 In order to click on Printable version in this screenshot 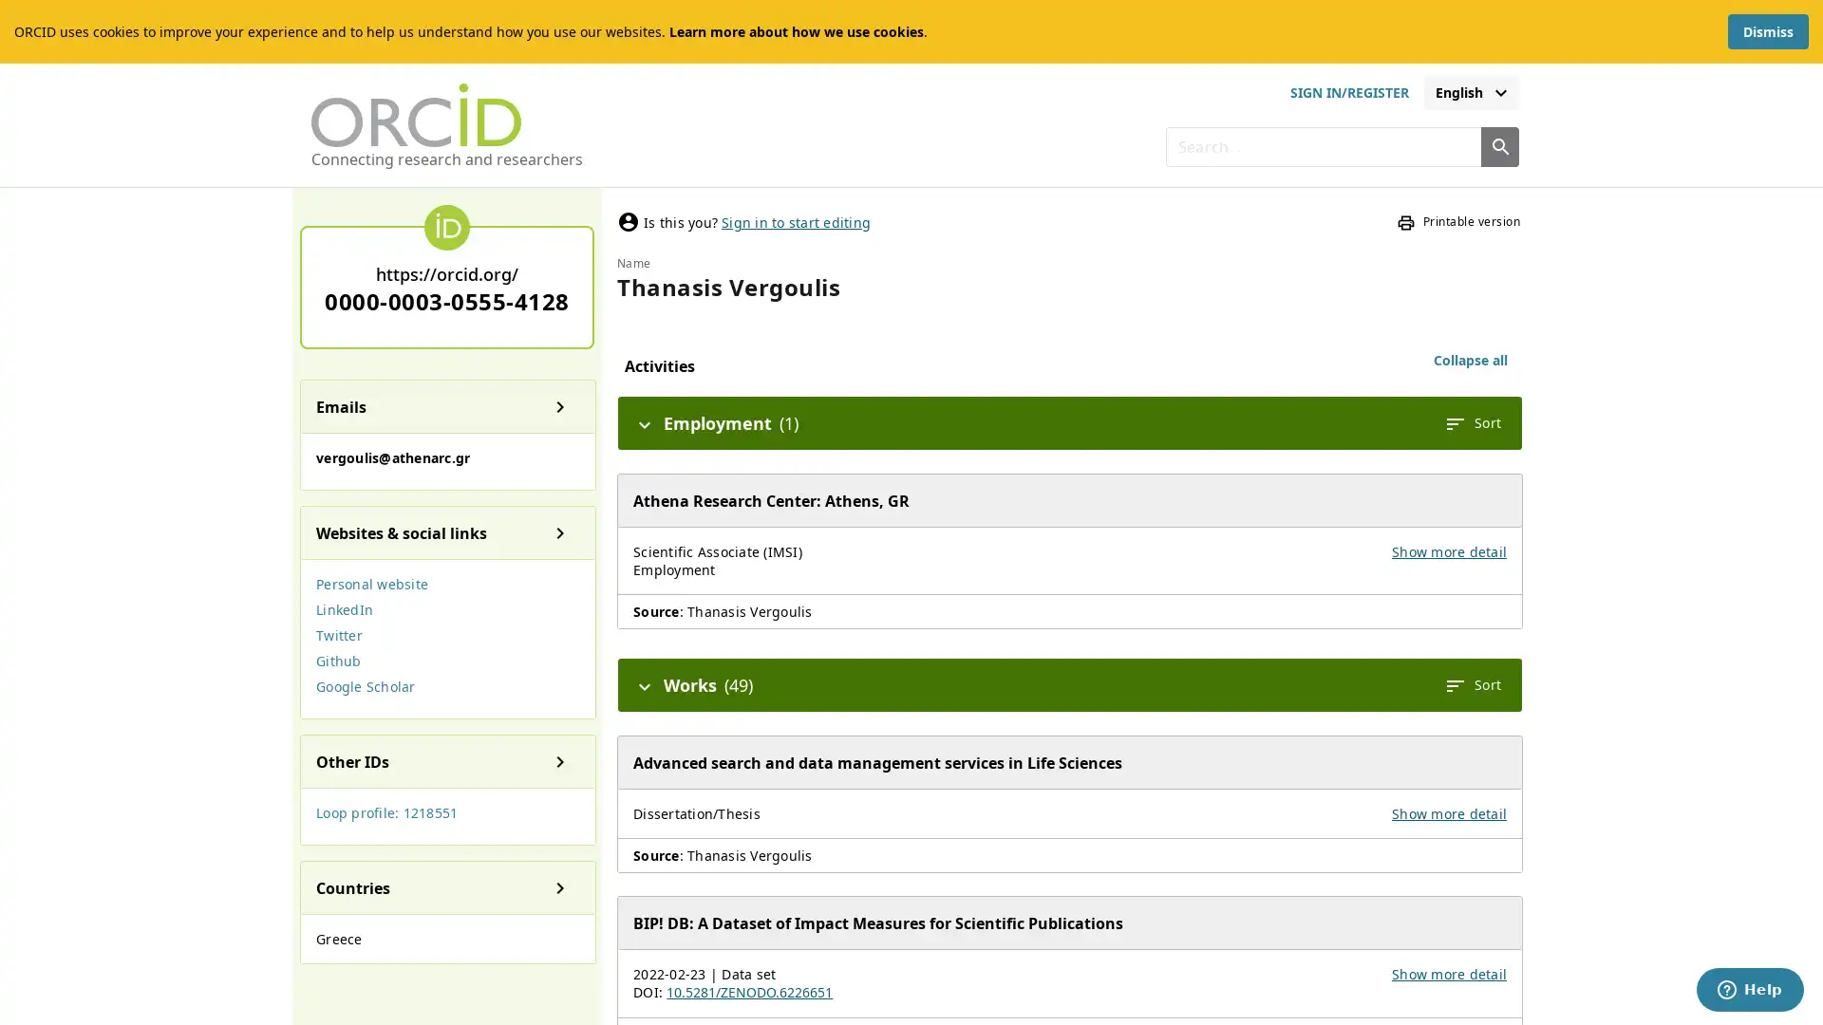, I will do `click(1457, 221)`.